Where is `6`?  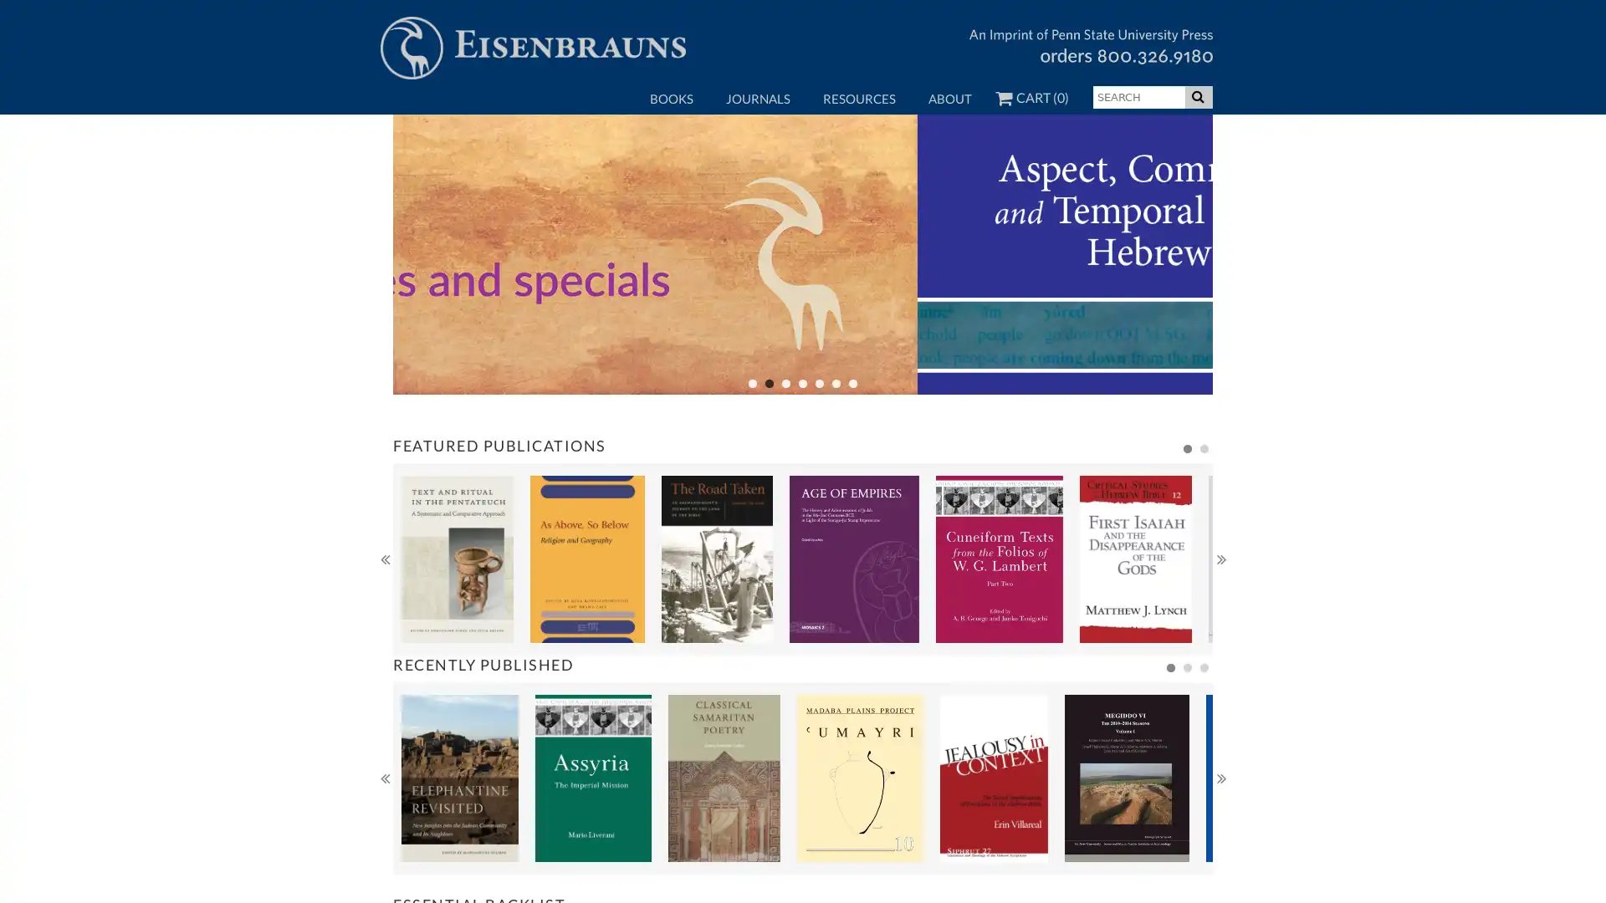 6 is located at coordinates (836, 446).